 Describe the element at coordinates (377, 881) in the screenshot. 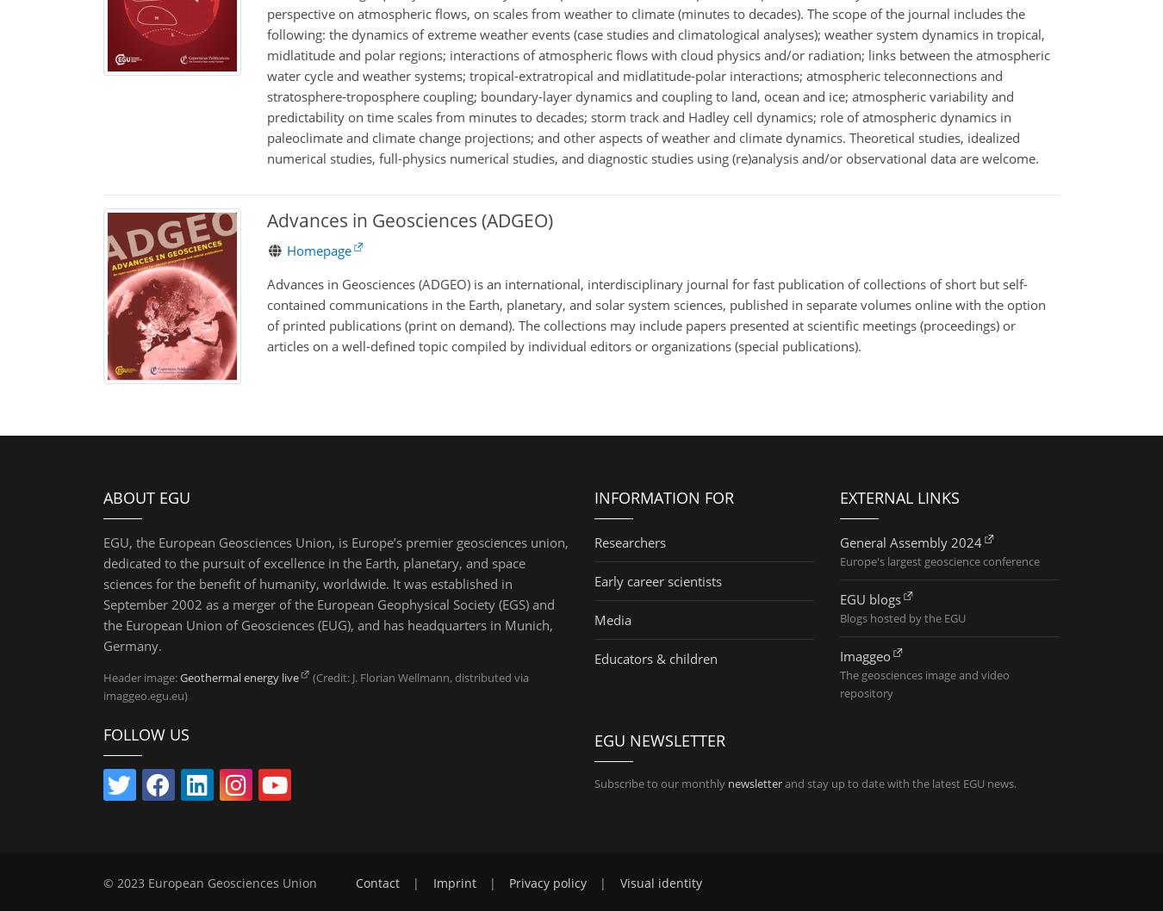

I see `'Contact'` at that location.